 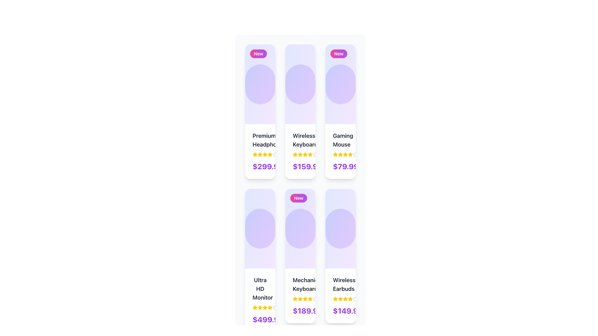 What do you see at coordinates (295, 298) in the screenshot?
I see `the first filled Rating star icon in the rating section of the product card to interact with the rating interface` at bounding box center [295, 298].